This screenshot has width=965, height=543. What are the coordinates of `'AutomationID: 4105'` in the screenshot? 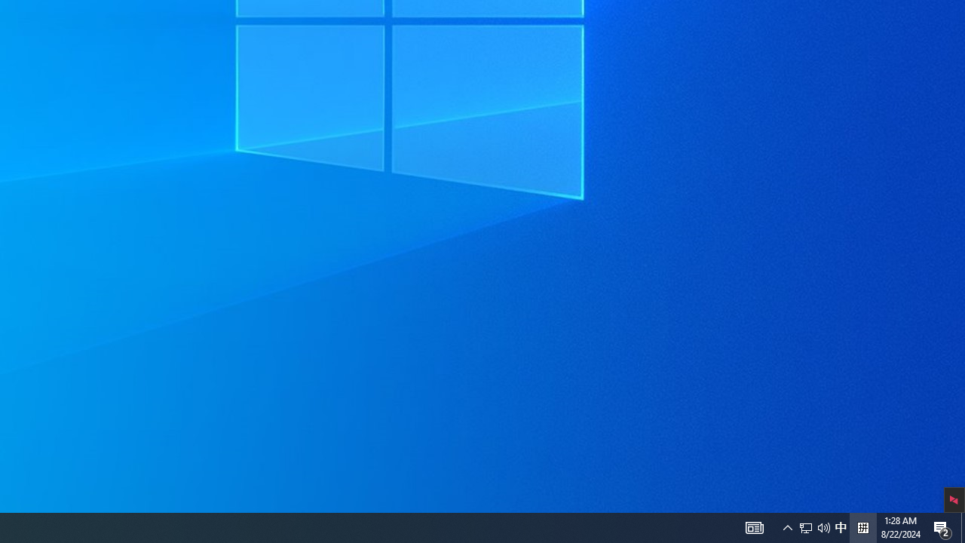 It's located at (787, 526).